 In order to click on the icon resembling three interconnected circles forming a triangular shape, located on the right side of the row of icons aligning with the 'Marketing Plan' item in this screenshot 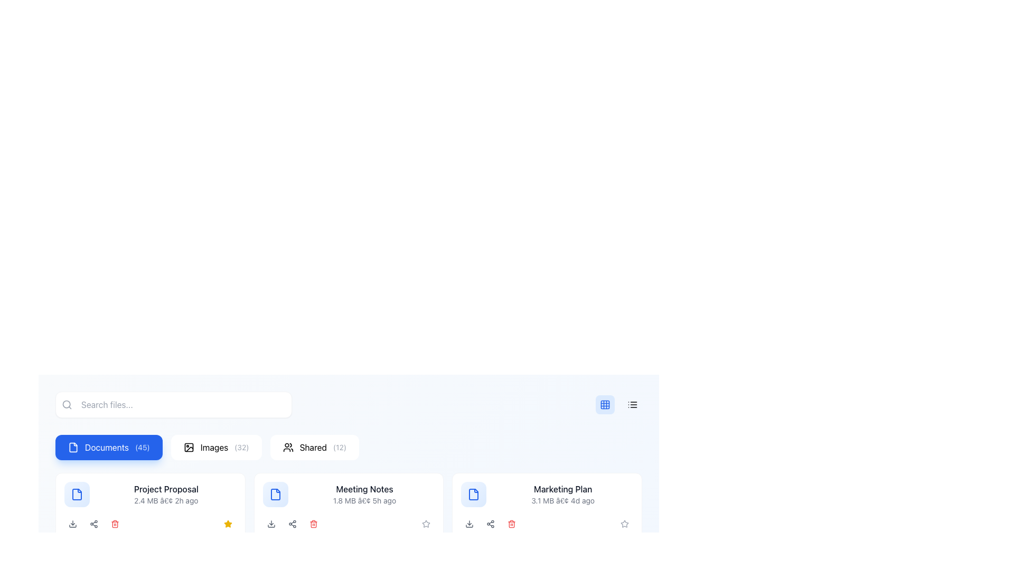, I will do `click(93, 524)`.